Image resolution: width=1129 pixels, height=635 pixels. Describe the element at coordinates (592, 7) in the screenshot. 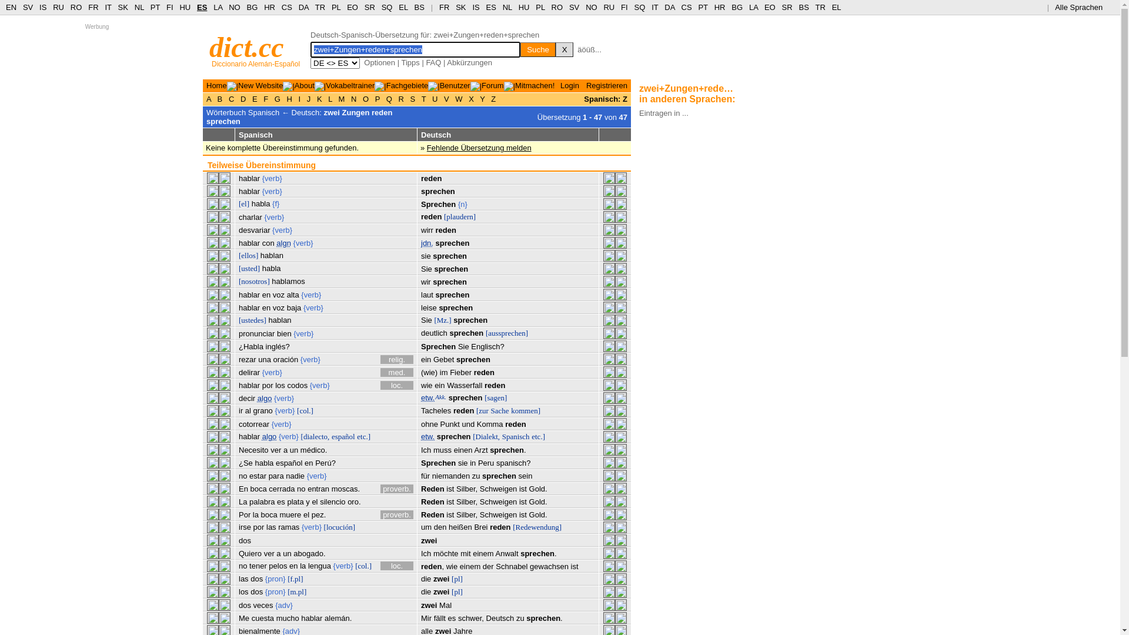

I see `'NO'` at that location.